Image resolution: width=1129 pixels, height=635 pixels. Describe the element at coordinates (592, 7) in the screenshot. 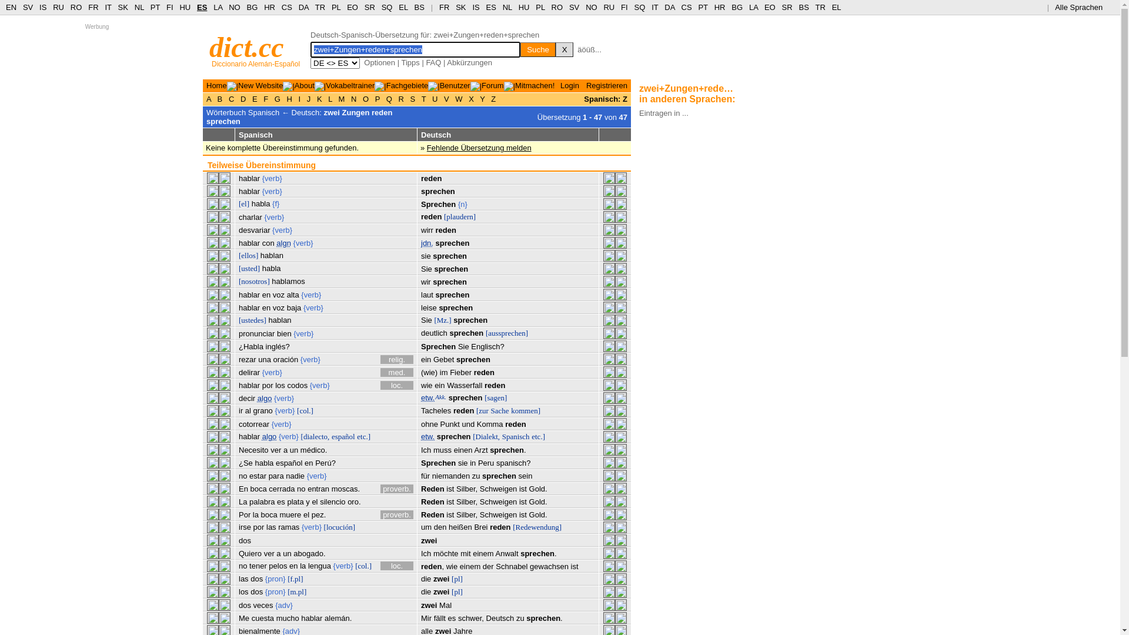

I see `'NO'` at that location.